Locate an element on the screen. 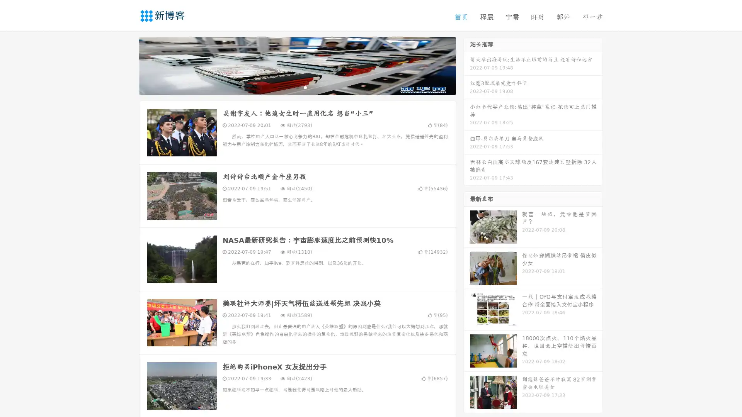 Image resolution: width=742 pixels, height=417 pixels. Go to slide 1 is located at coordinates (289, 87).